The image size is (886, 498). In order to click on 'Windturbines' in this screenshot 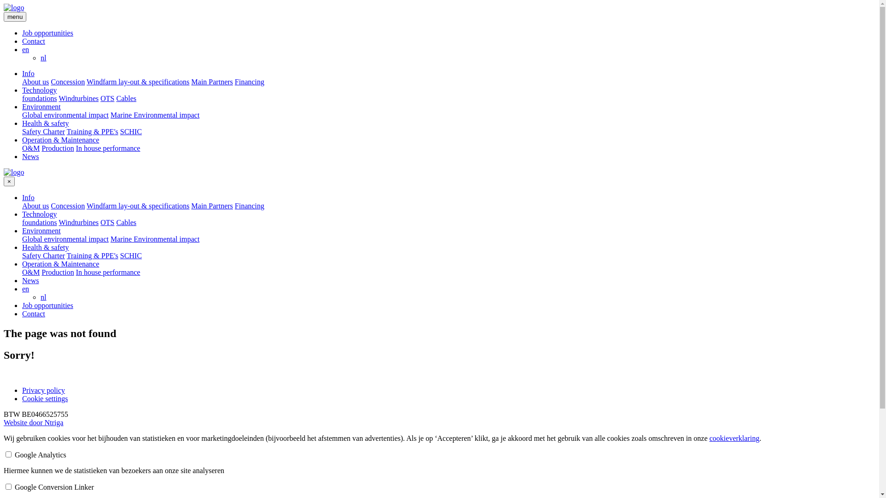, I will do `click(58, 98)`.